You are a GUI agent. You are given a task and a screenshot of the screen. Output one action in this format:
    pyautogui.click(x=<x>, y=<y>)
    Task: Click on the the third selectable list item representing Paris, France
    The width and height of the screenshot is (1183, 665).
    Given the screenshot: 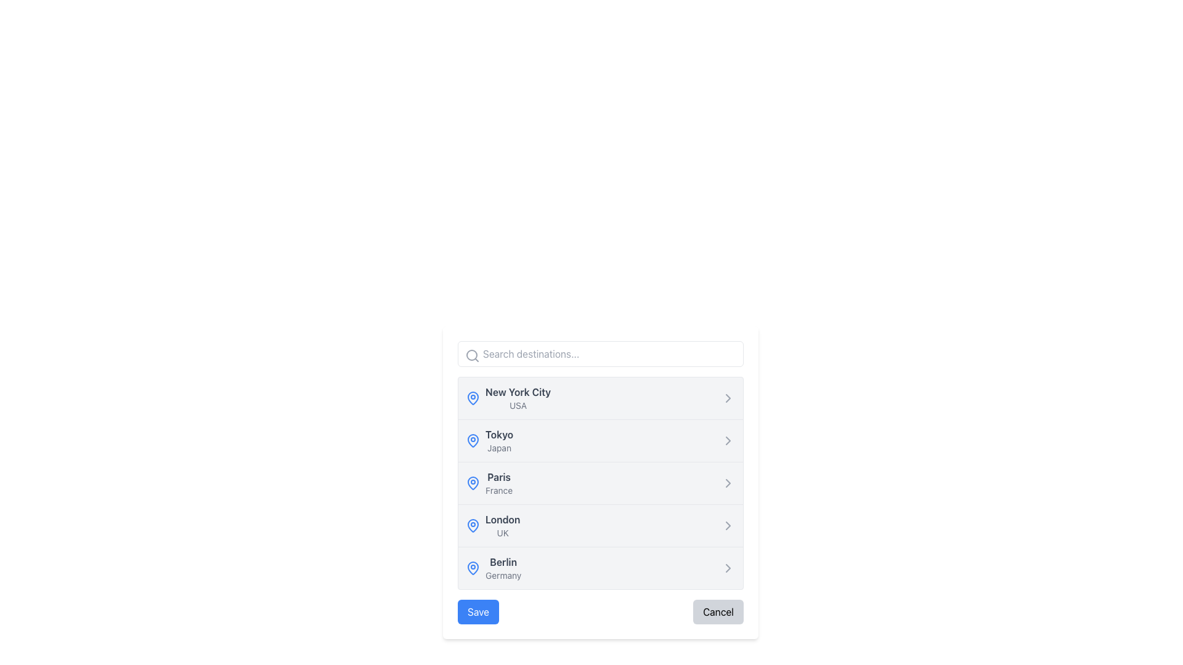 What is the action you would take?
    pyautogui.click(x=600, y=483)
    